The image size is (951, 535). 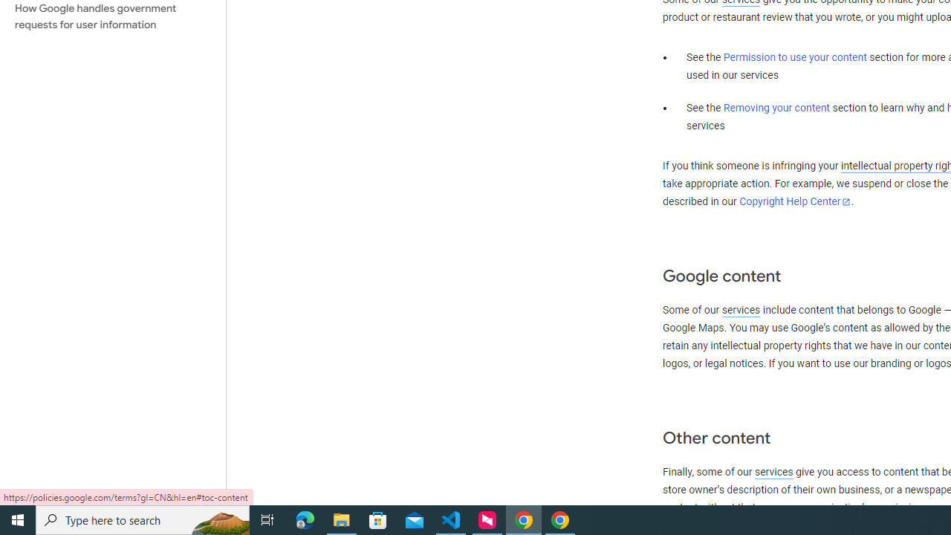 What do you see at coordinates (794, 201) in the screenshot?
I see `'Copyright Help Center'` at bounding box center [794, 201].